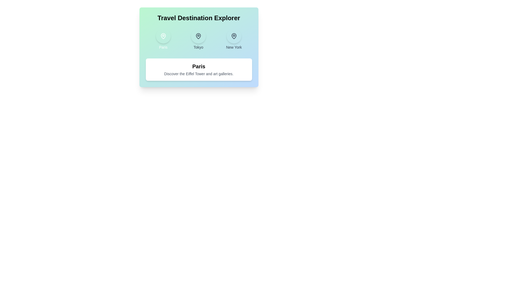 The height and width of the screenshot is (287, 510). Describe the element at coordinates (198, 39) in the screenshot. I see `the circular button with a map pin icon labeled 'Tokyo'` at that location.